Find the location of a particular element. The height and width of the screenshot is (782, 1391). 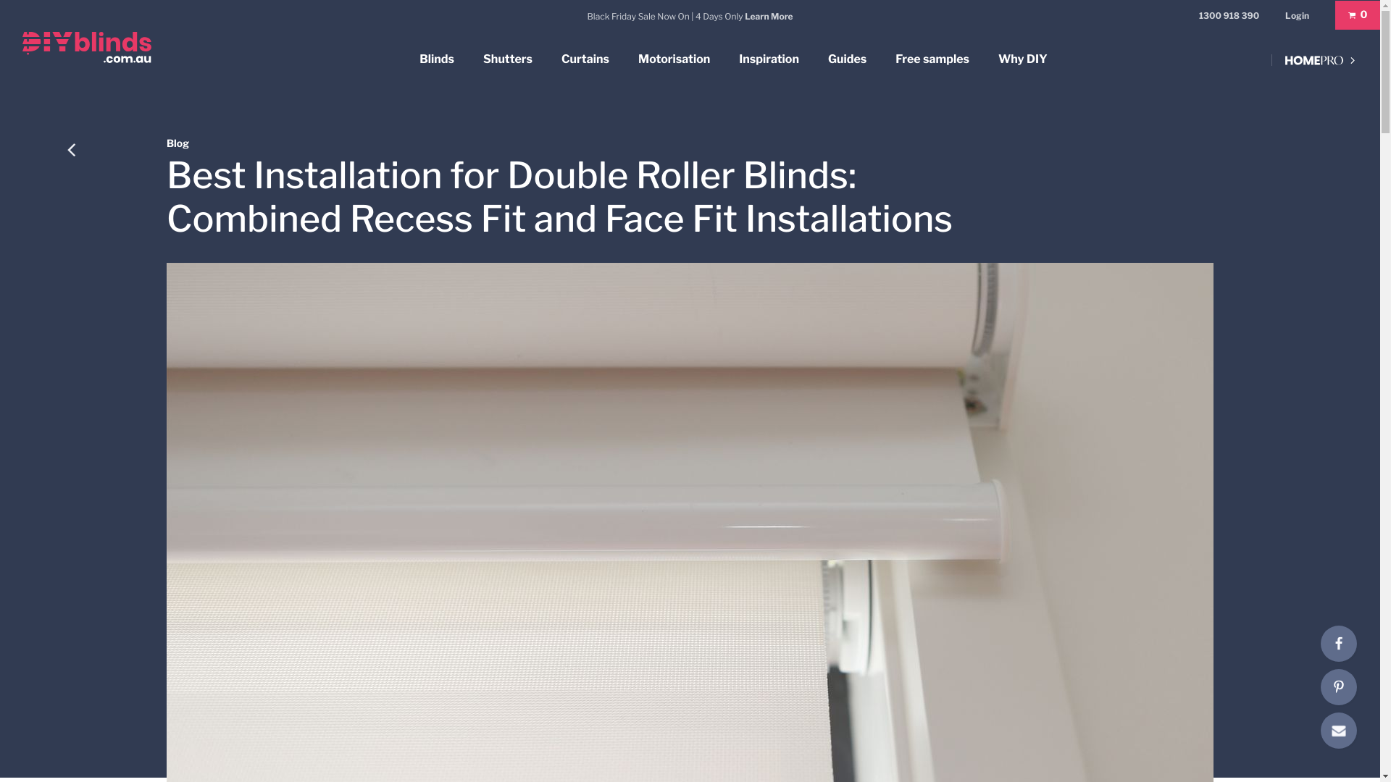

'Shutters' is located at coordinates (507, 59).